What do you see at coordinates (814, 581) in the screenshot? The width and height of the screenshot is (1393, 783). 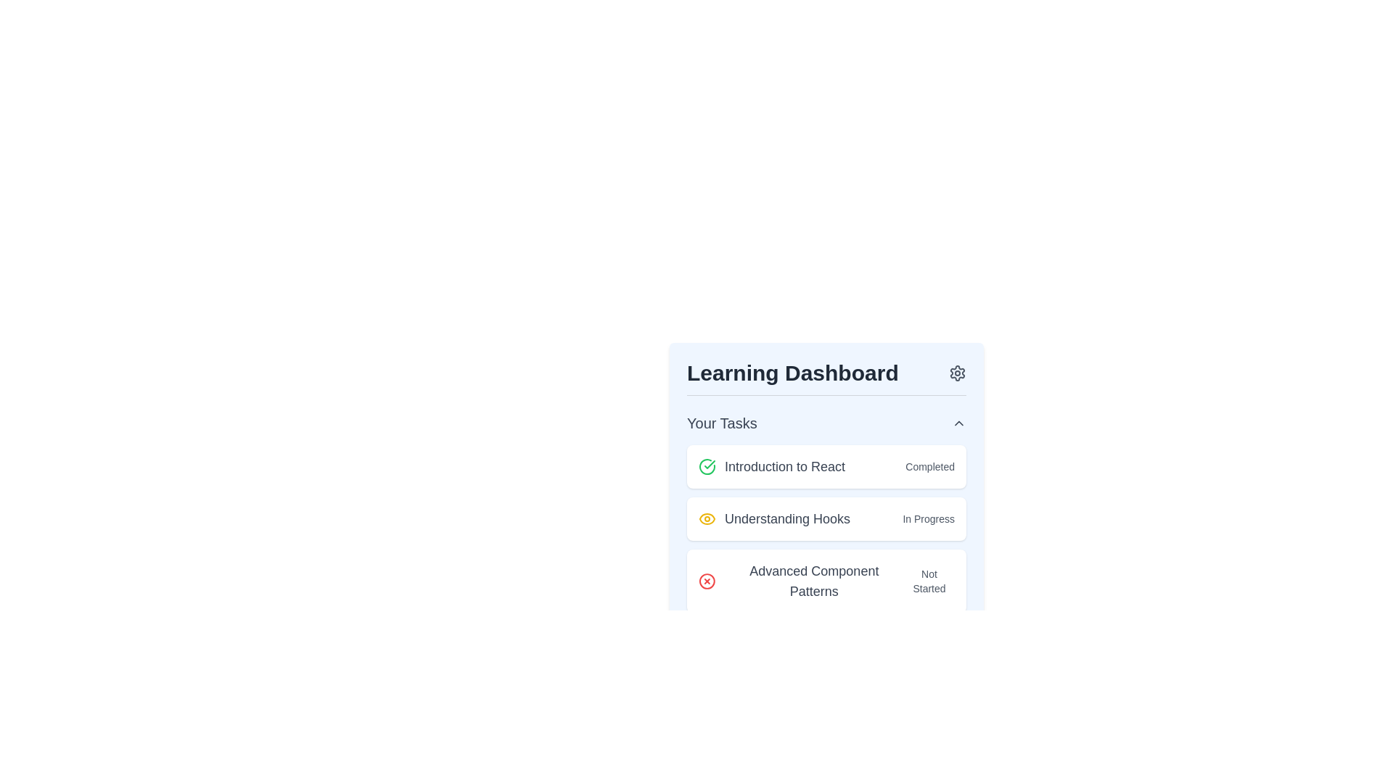 I see `descriptive text label that identifies a task item in the task list, located centrally under the 'Your Tasks' section, specifically in the third row of the task list` at bounding box center [814, 581].